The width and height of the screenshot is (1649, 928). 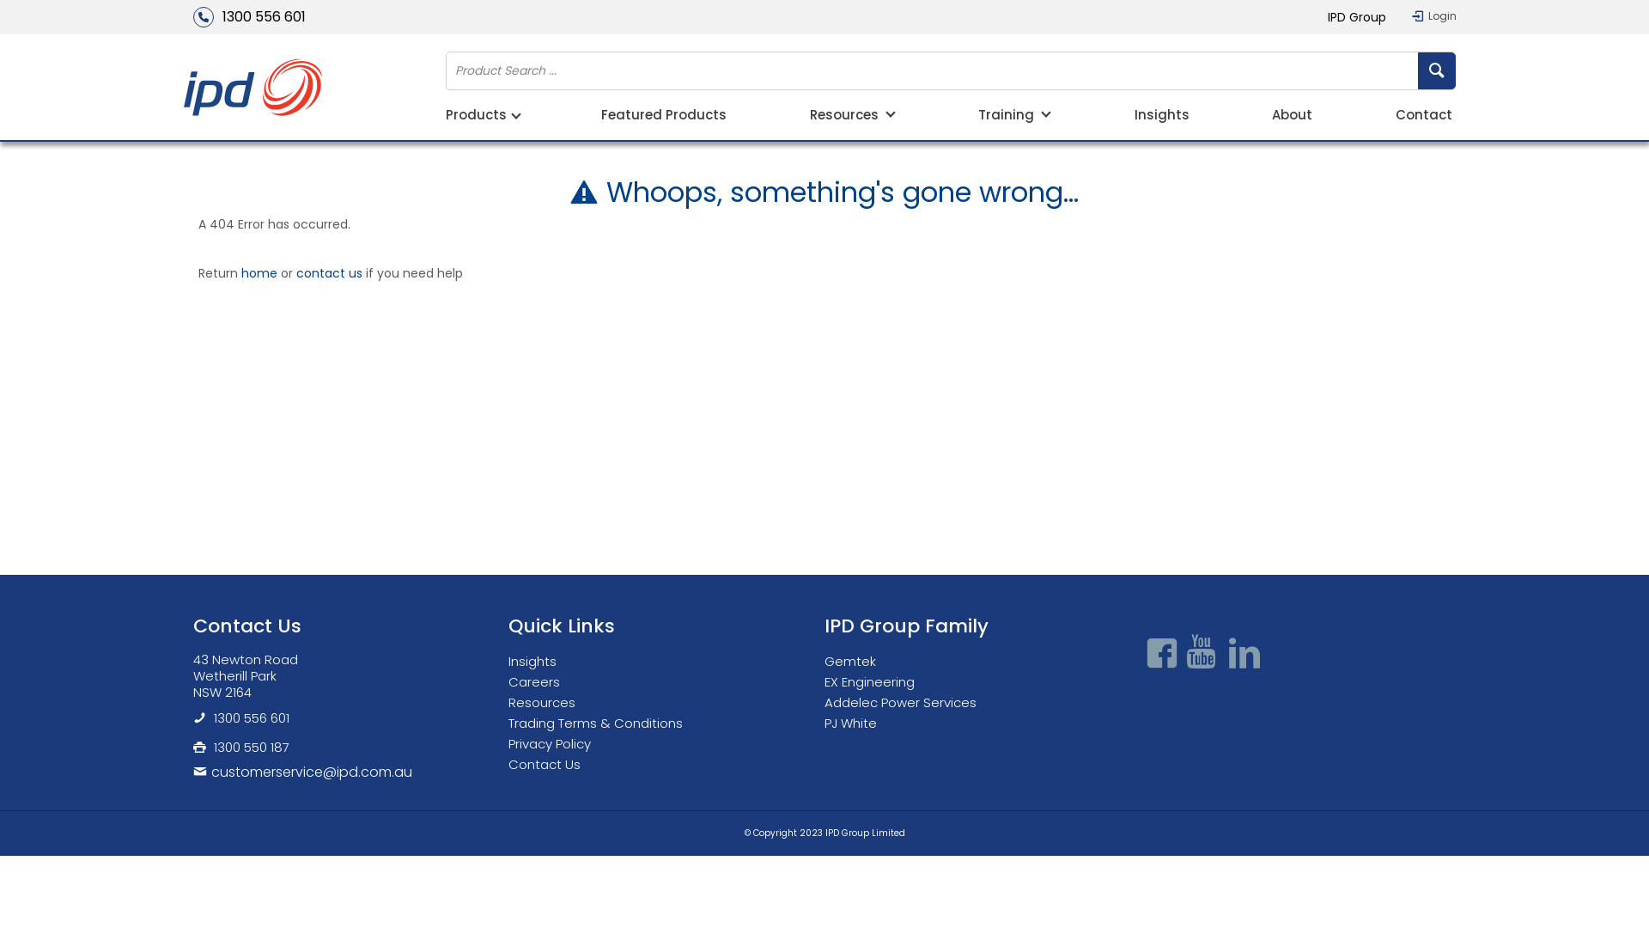 What do you see at coordinates (599, 723) in the screenshot?
I see `'Trading Terms & Conditions'` at bounding box center [599, 723].